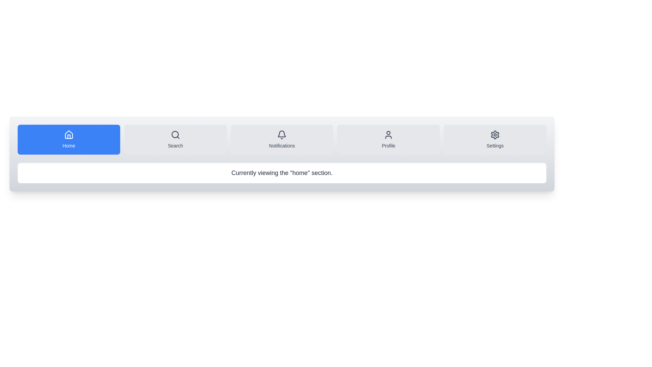  What do you see at coordinates (175, 145) in the screenshot?
I see `the descriptive text label for the search button located below the magnifying glass icon, which clarifies the button's action to initiate a search operation` at bounding box center [175, 145].